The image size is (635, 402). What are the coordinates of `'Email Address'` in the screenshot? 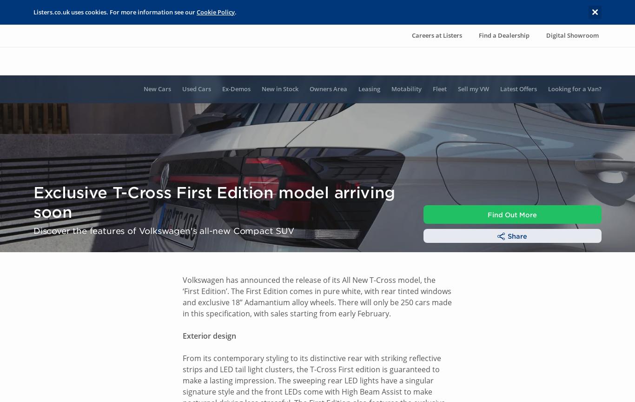 It's located at (52, 27).